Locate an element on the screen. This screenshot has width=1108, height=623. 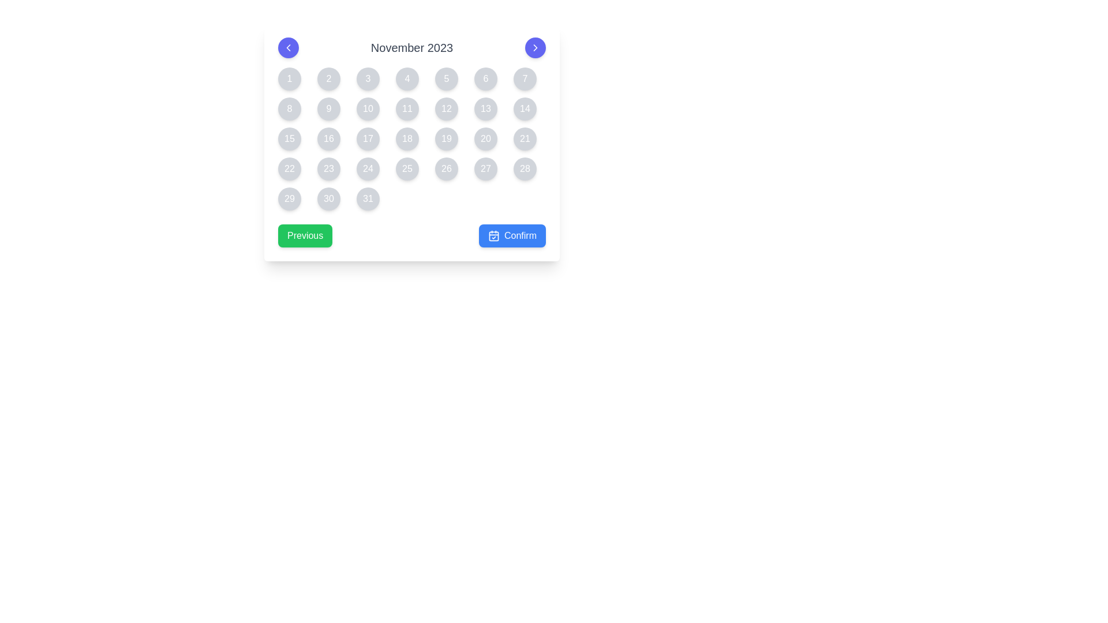
the rounded, circular button labeled '24' with a medium gray background and white text is located at coordinates (368, 169).